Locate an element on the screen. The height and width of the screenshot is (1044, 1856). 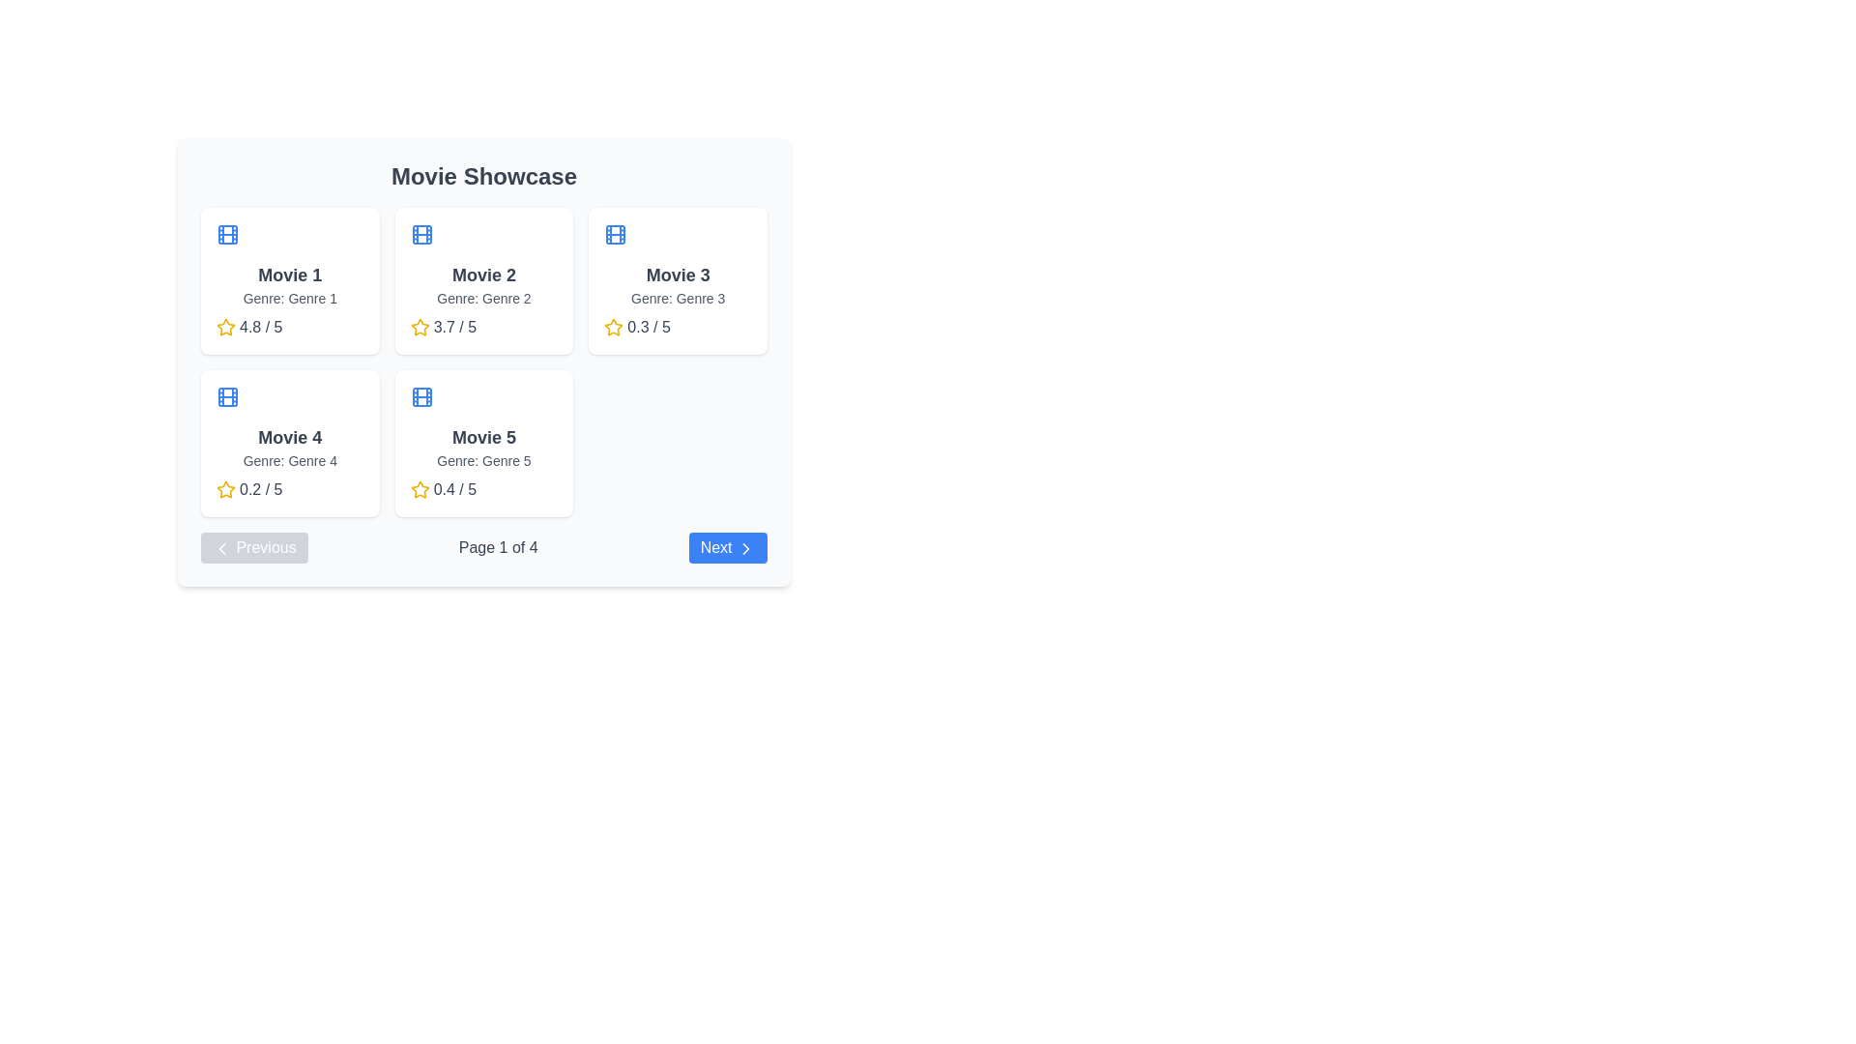
text label that serves as the title for the movie card located in the second column of the first row of the grid, between 'Movie 1' and 'Movie 3' is located at coordinates (483, 275).